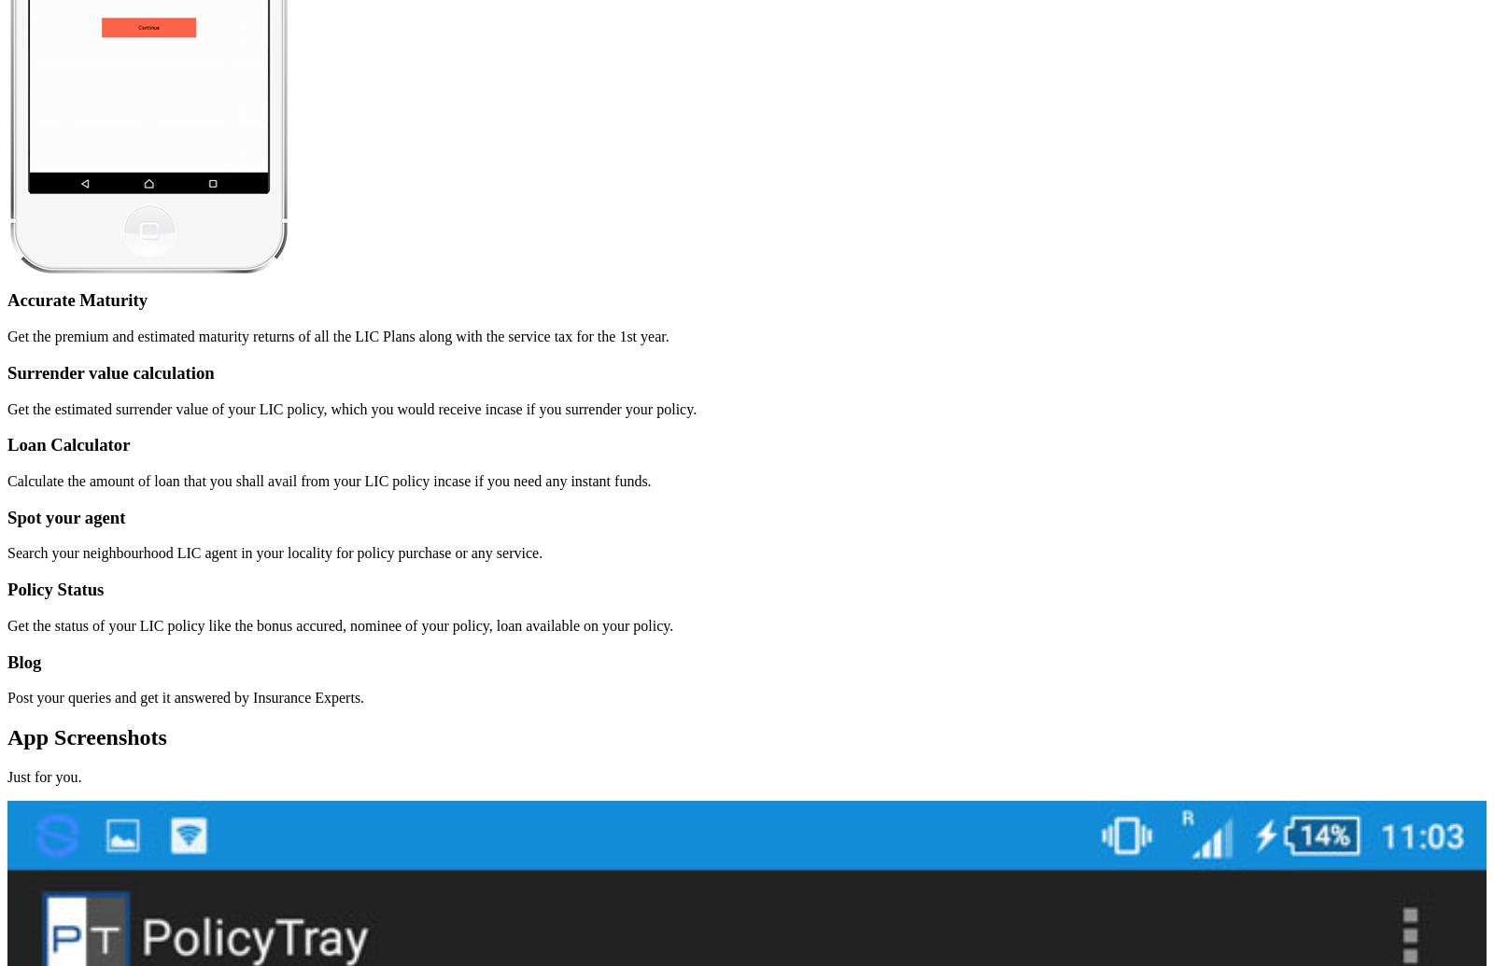 The image size is (1494, 966). Describe the element at coordinates (23, 660) in the screenshot. I see `'Blog'` at that location.